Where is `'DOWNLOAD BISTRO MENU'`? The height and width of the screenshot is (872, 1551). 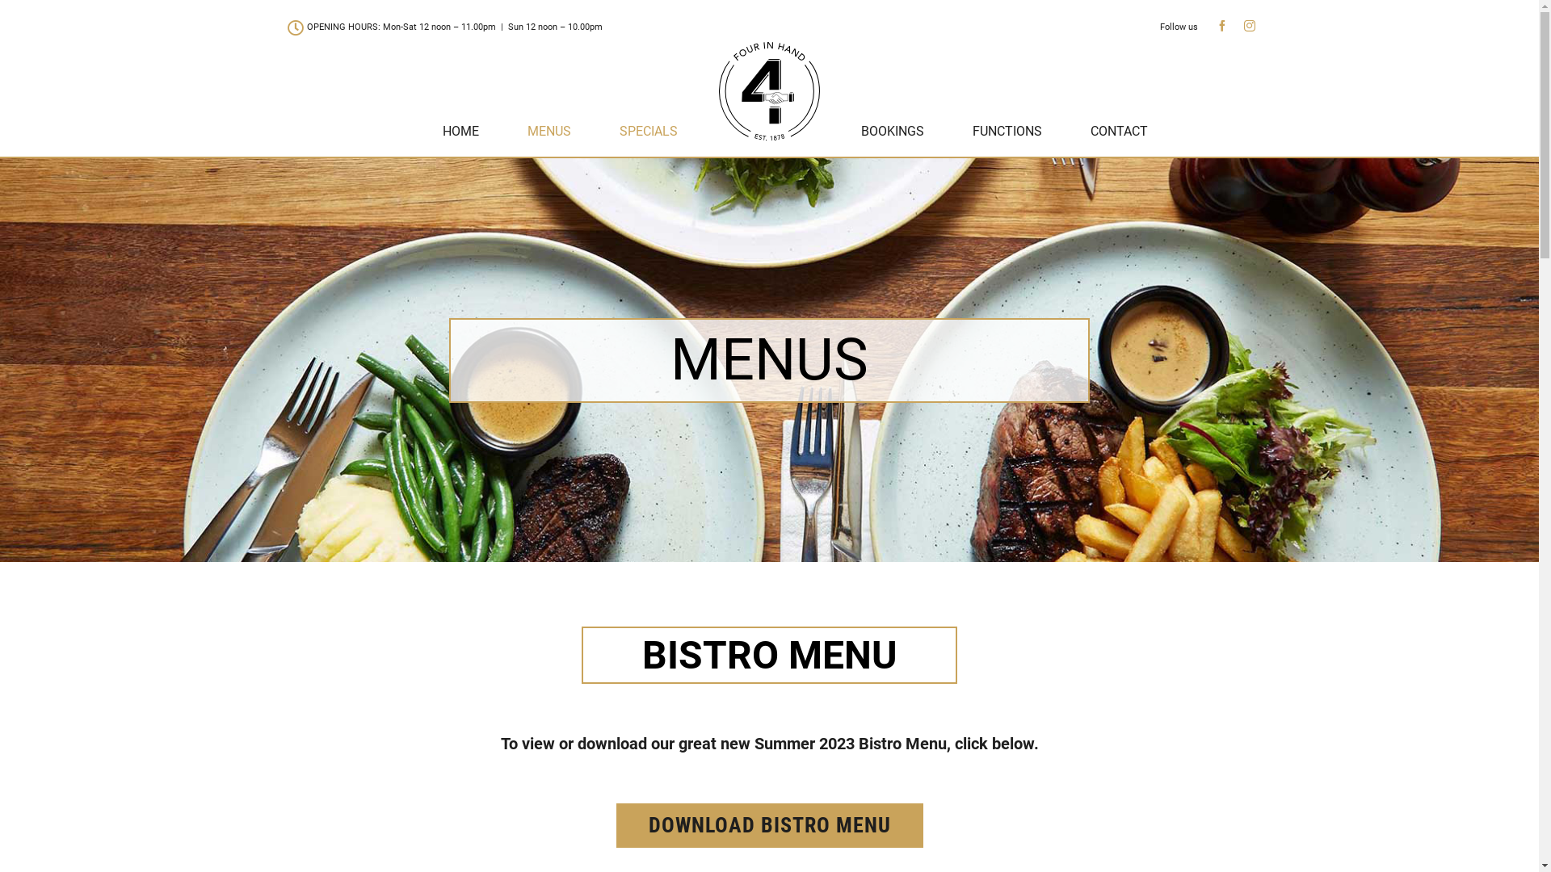
'DOWNLOAD BISTRO MENU' is located at coordinates (767, 825).